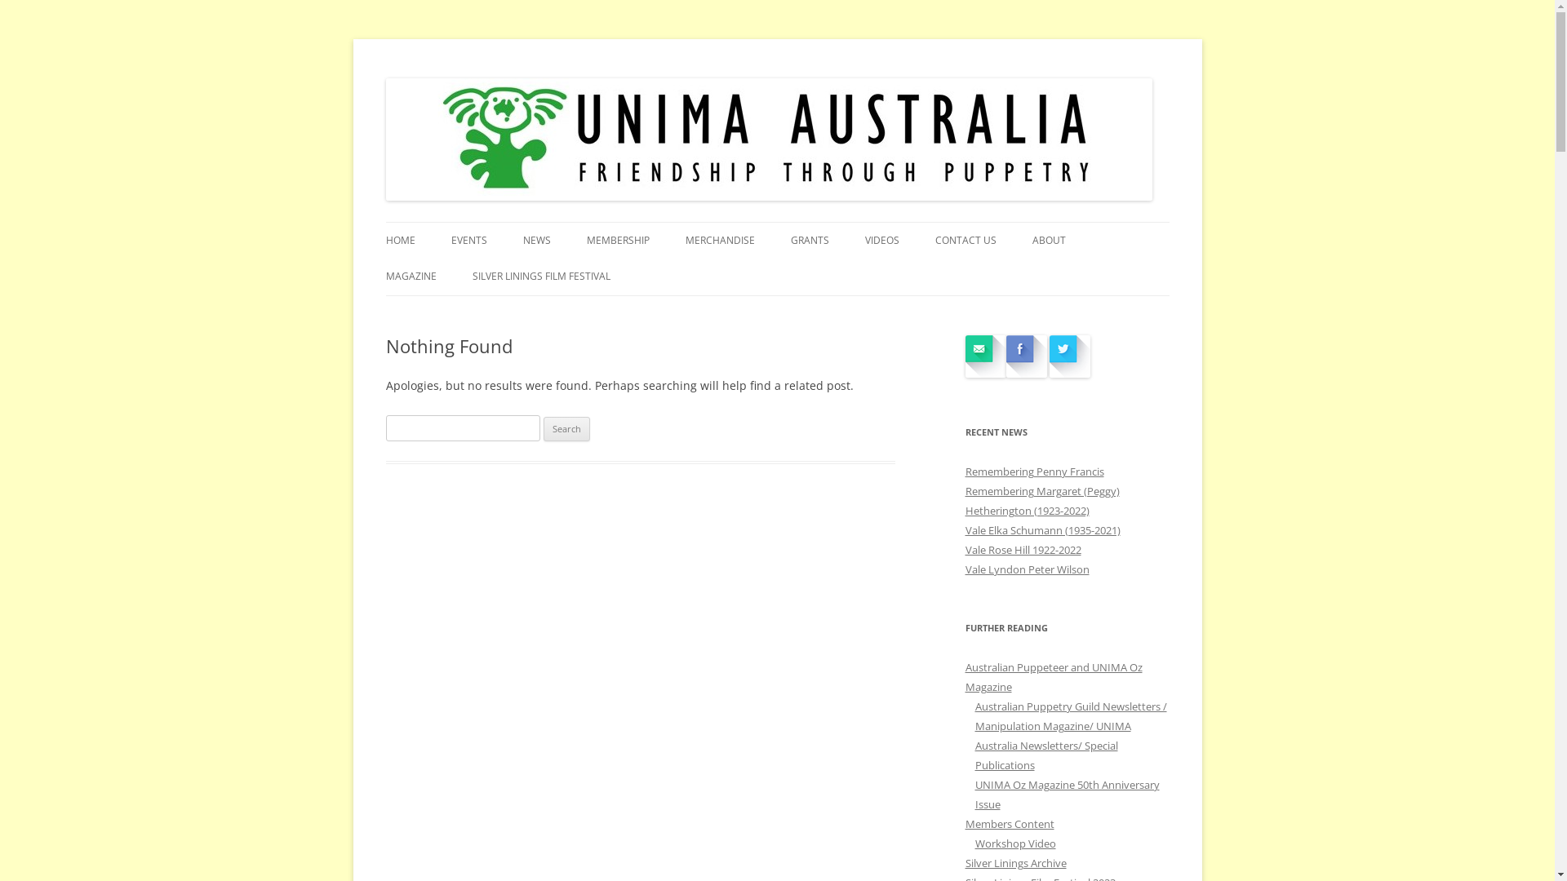  Describe the element at coordinates (384, 222) in the screenshot. I see `'UNIMA AUSTRALIA'` at that location.